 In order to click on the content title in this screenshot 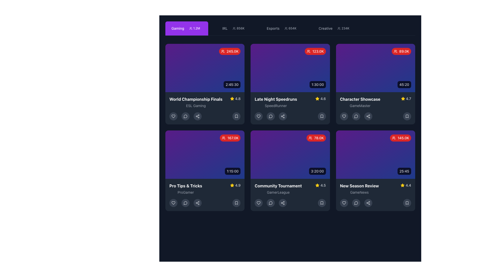, I will do `click(196, 99)`.